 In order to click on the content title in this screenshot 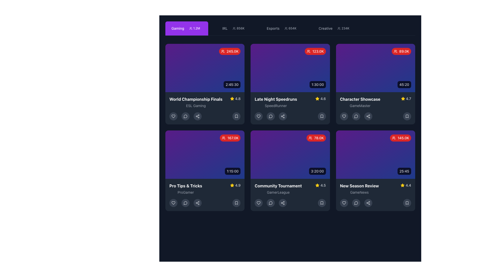, I will do `click(196, 99)`.